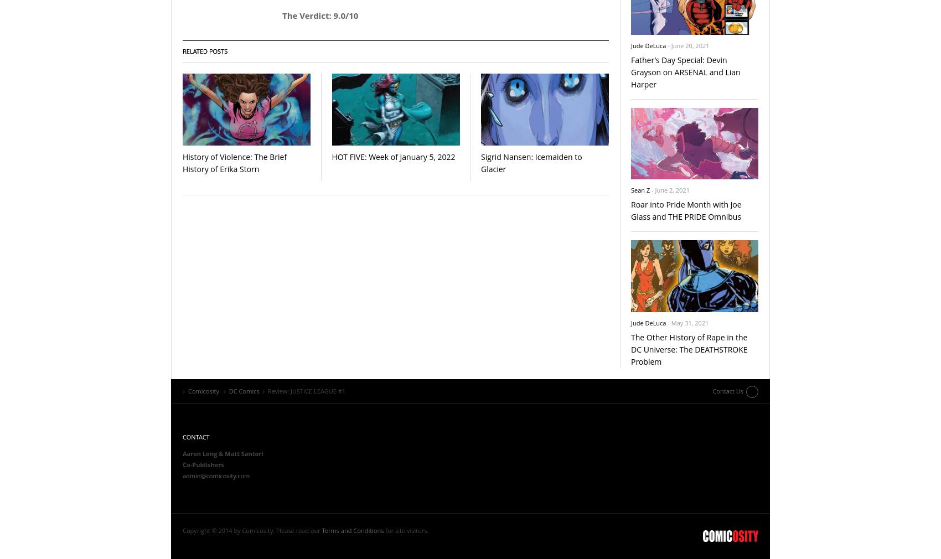  What do you see at coordinates (252, 530) in the screenshot?
I see `'Copyright © 2014 by Comicosity. Please read our'` at bounding box center [252, 530].